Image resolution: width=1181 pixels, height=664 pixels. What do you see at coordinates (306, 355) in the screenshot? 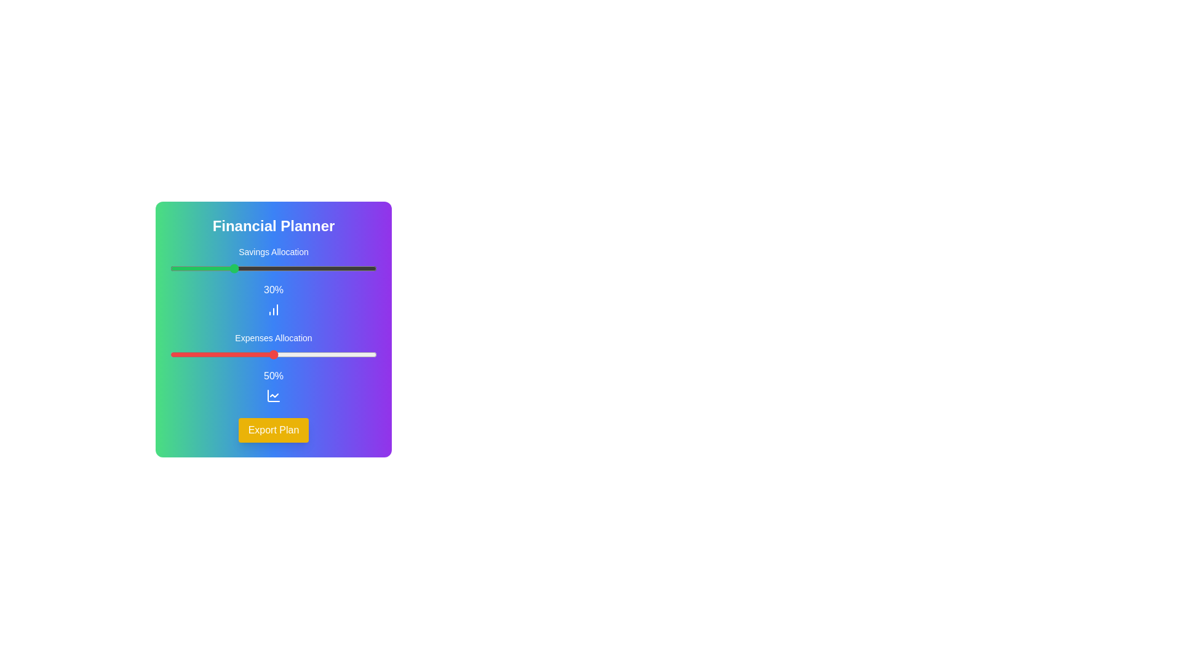
I see `the expenses allocation slider` at bounding box center [306, 355].